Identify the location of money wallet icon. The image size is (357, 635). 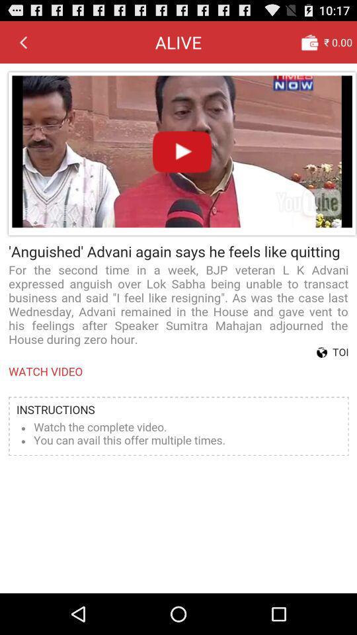
(309, 42).